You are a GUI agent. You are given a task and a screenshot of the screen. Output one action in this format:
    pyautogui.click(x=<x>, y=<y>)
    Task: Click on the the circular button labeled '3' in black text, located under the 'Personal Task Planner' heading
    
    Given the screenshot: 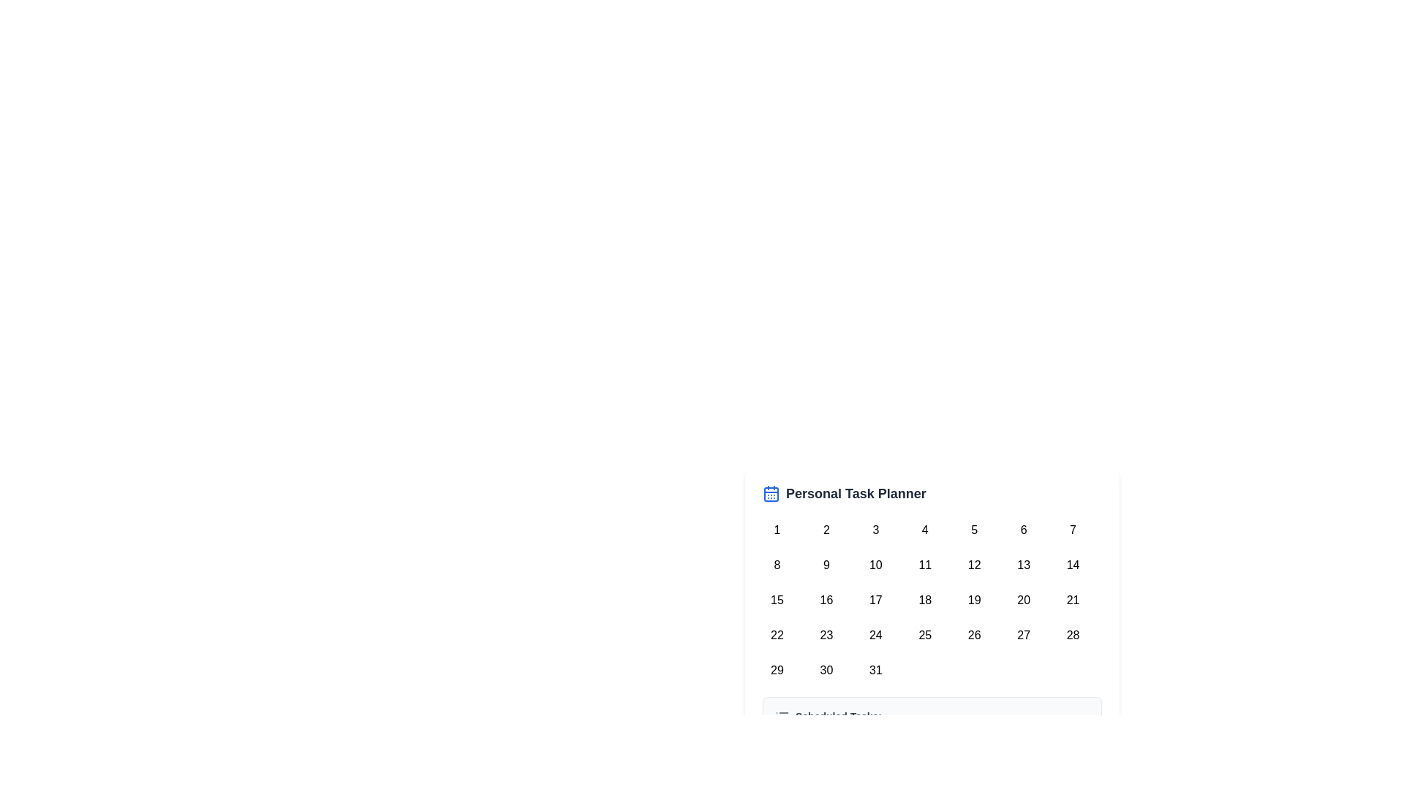 What is the action you would take?
    pyautogui.click(x=875, y=530)
    